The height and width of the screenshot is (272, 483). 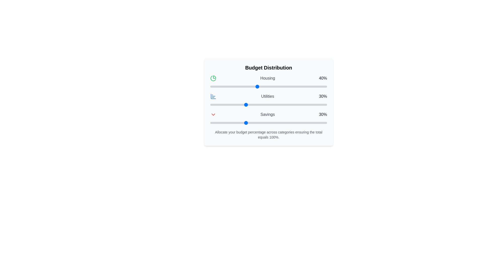 What do you see at coordinates (268, 102) in the screenshot?
I see `the sliders in the budget distribution interface` at bounding box center [268, 102].